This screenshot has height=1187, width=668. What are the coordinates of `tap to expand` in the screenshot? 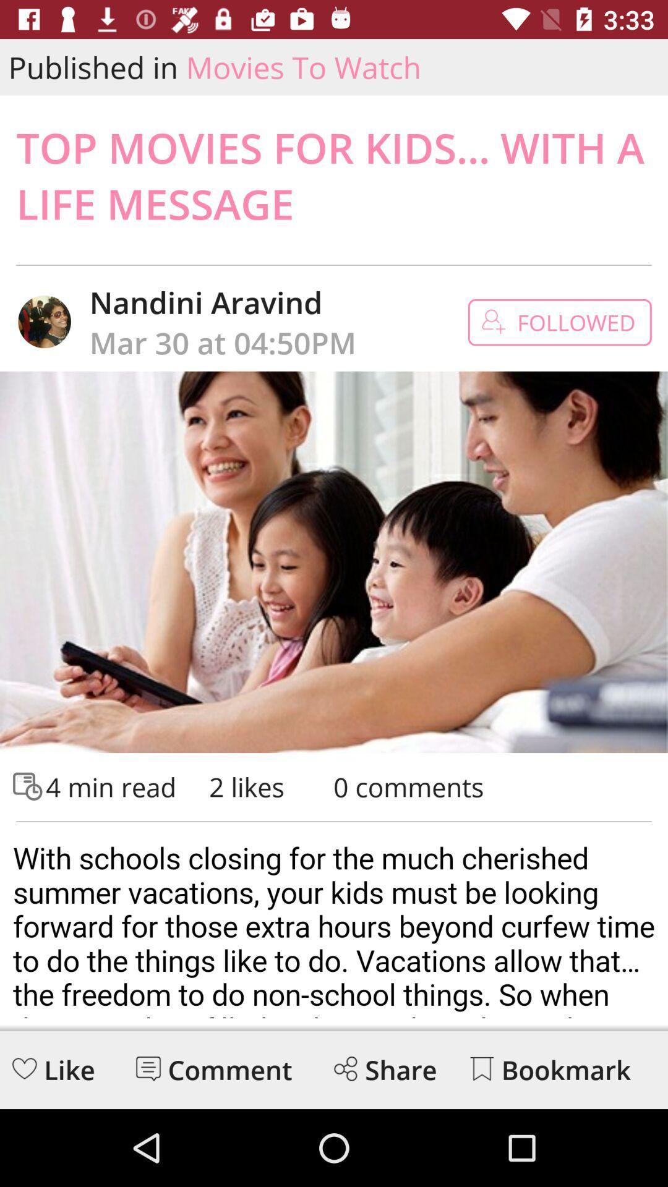 It's located at (334, 924).